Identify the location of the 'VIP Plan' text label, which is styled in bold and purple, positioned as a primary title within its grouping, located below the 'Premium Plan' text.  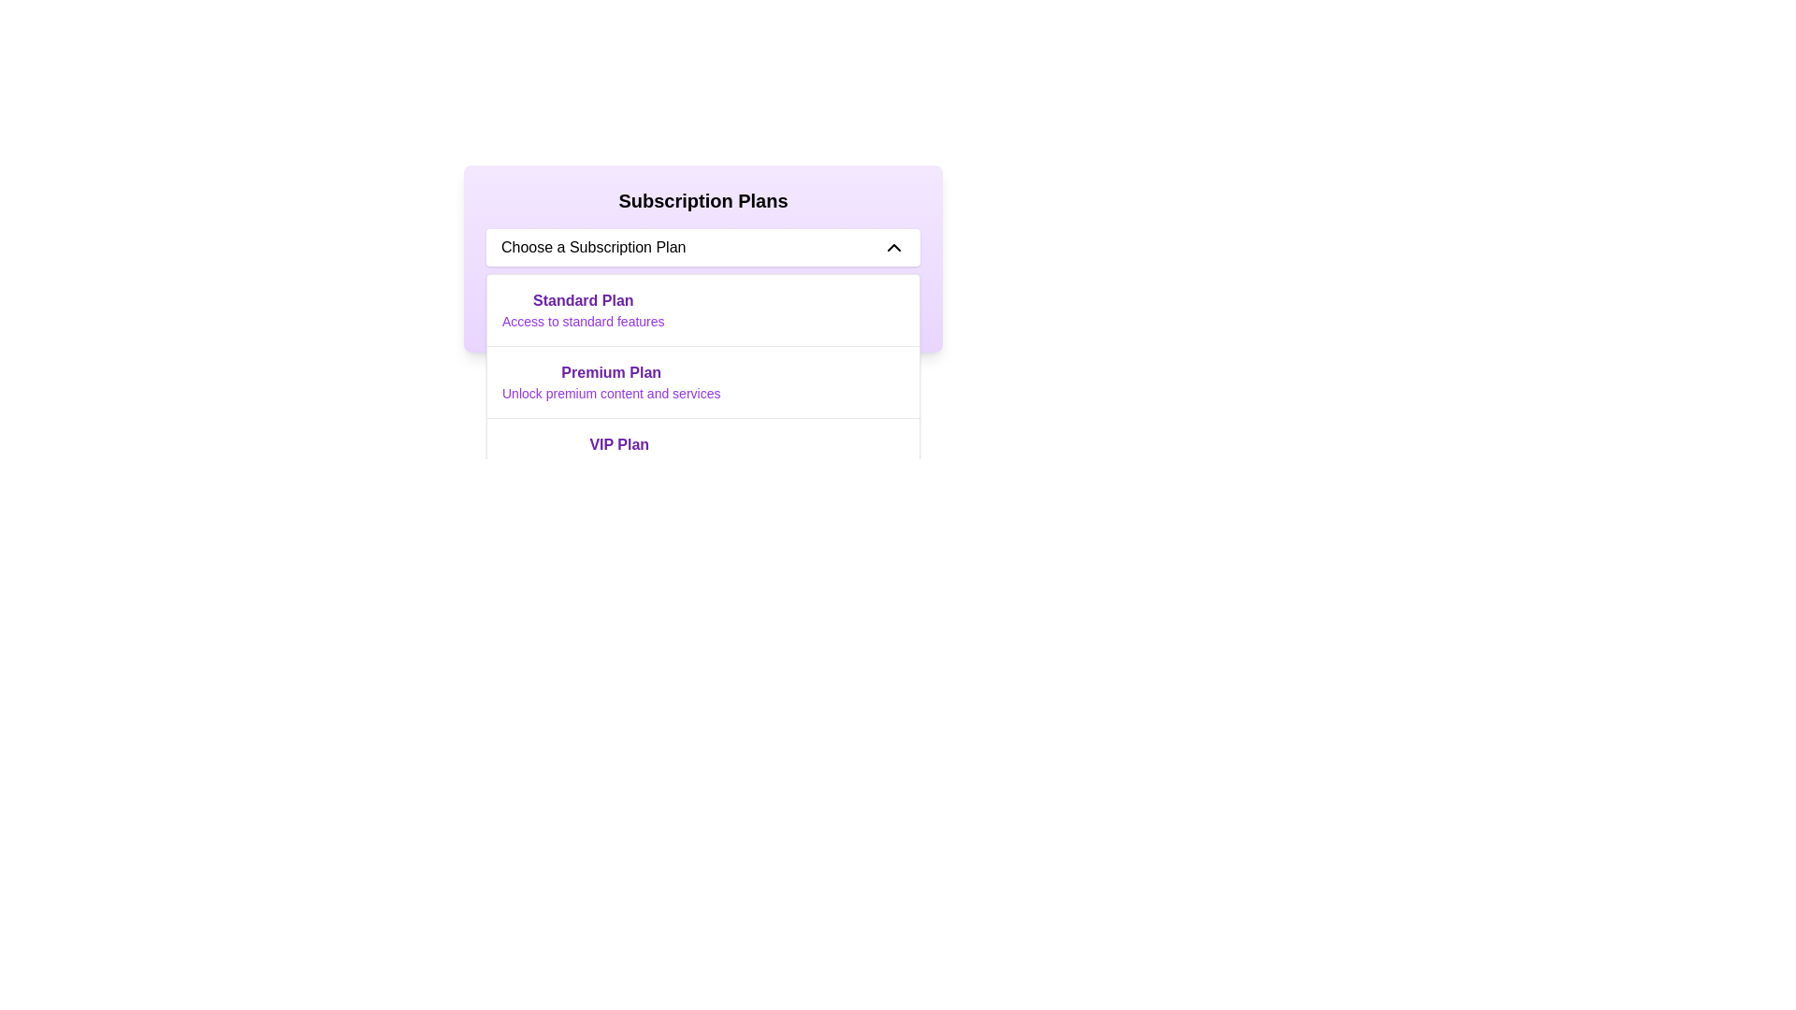
(619, 444).